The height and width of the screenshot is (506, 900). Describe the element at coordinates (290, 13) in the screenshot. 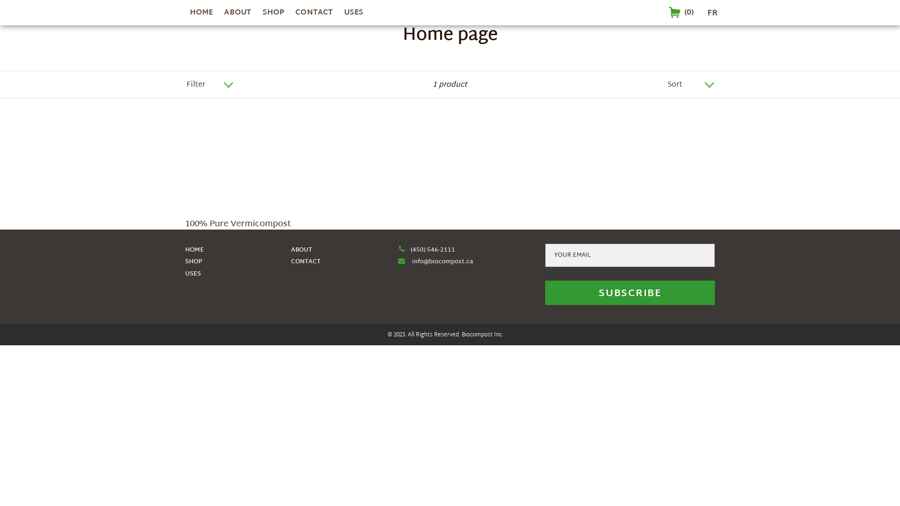

I see `'CONTACT'` at that location.